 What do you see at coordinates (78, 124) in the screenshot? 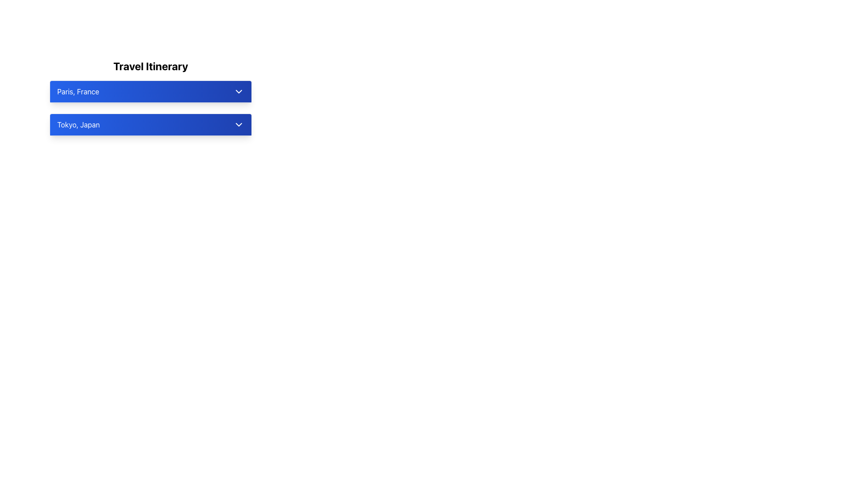
I see `the static text label displaying 'Tokyo, Japan', which is the second entry in the itinerary list of destinations` at bounding box center [78, 124].